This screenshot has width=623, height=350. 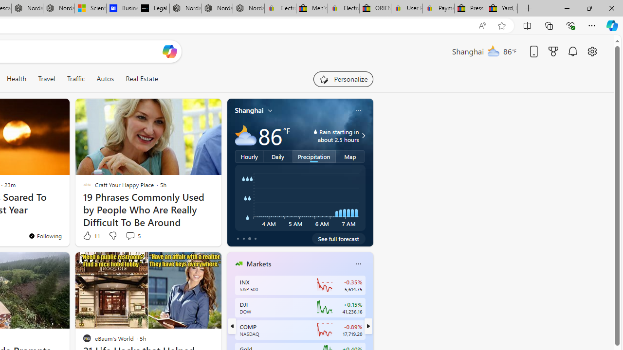 What do you see at coordinates (105, 78) in the screenshot?
I see `'Autos'` at bounding box center [105, 78].